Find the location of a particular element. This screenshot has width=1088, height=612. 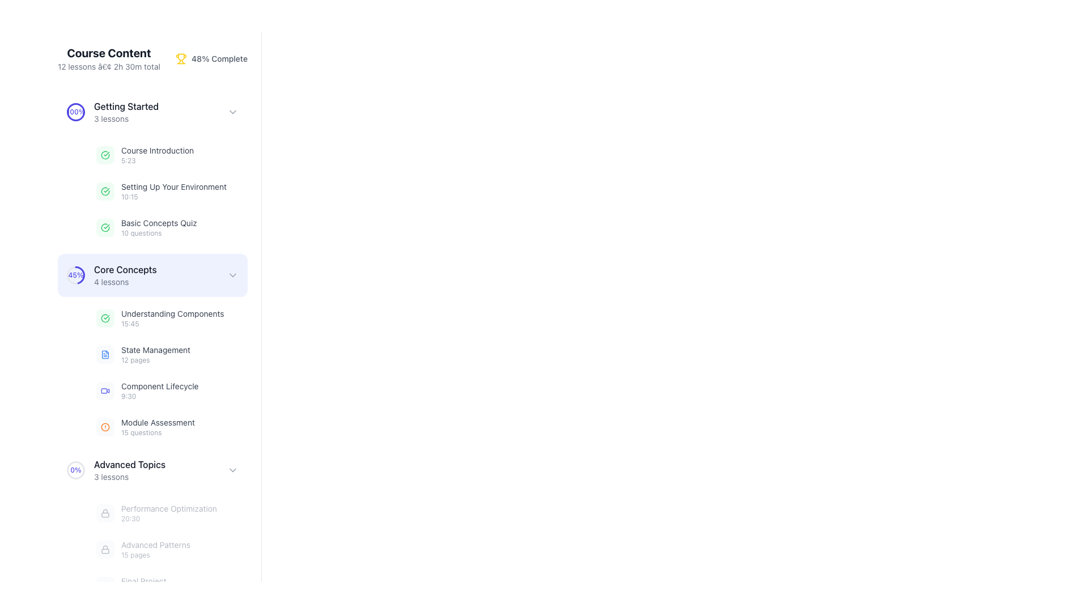

the 'Final Project' lesson text element located at the bottom of the 'Advanced Topics' section is located at coordinates (131, 585).